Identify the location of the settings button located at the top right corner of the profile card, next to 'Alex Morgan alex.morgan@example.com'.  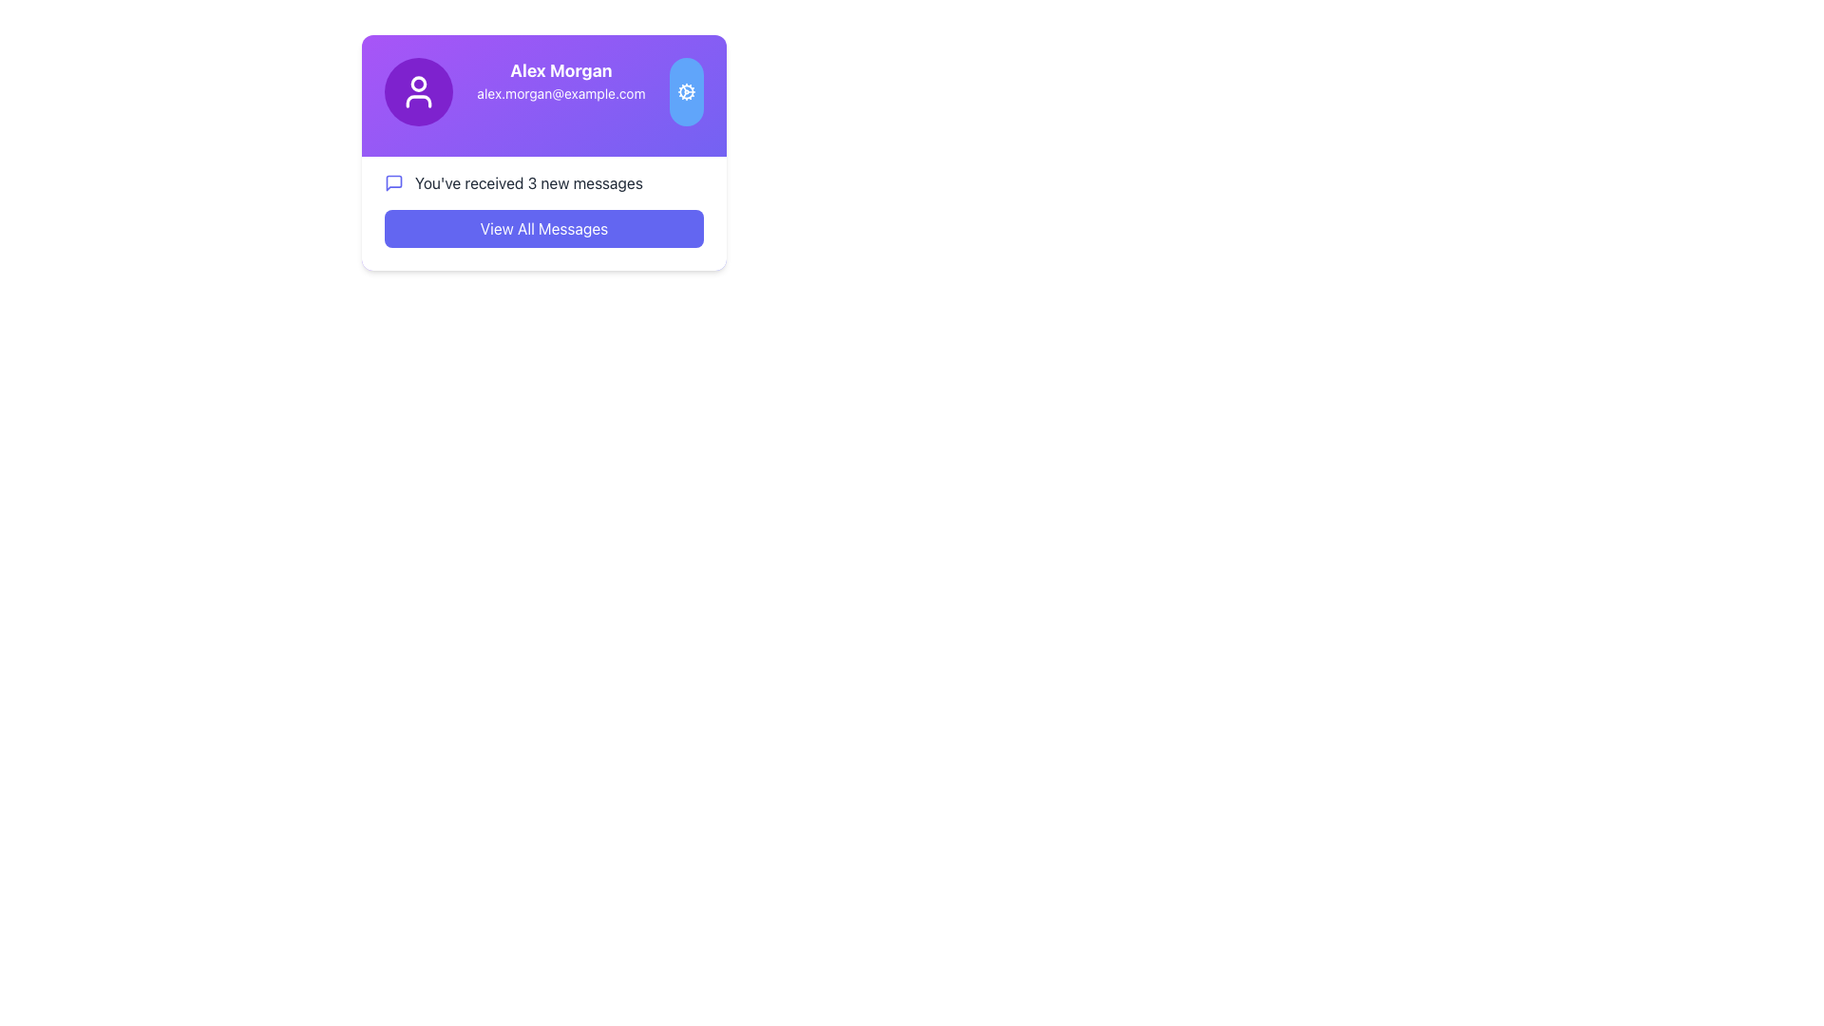
(686, 91).